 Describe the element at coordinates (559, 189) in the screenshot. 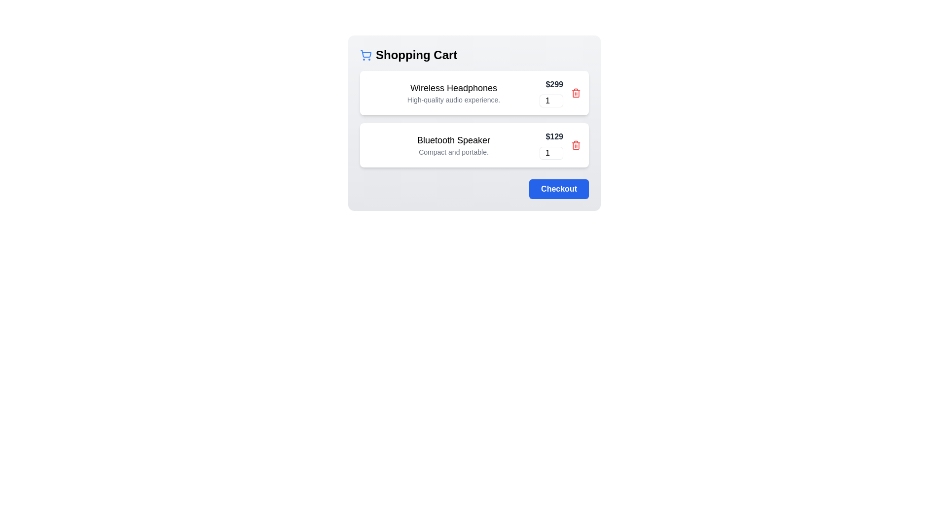

I see `the Checkout button to proceed with the checkout process` at that location.